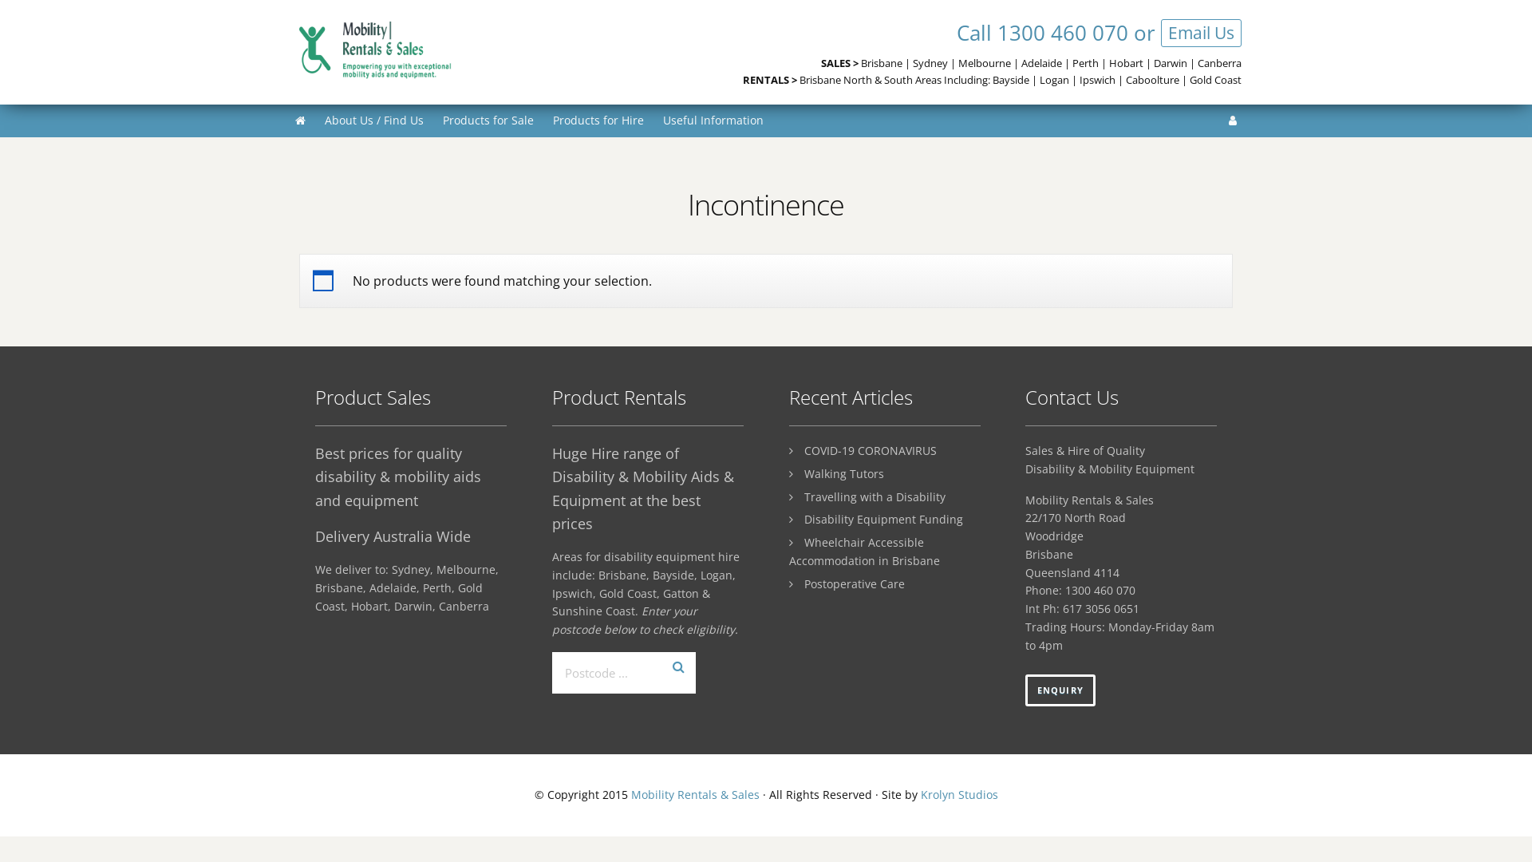  I want to click on 'Login', so click(1232, 119).